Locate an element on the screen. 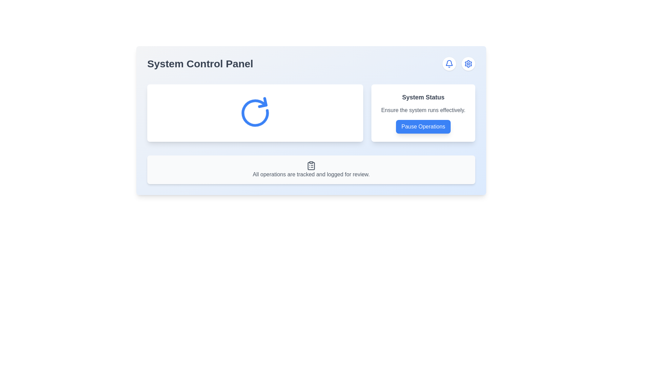 Image resolution: width=656 pixels, height=369 pixels. the clipboard icon, which is a line art representation featuring a rectangular shape and list elements, located above the text 'All operations are tracked and logged for review.' is located at coordinates (311, 166).